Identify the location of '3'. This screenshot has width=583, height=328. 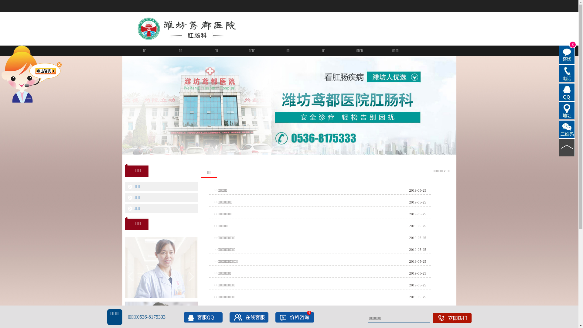
(559, 55).